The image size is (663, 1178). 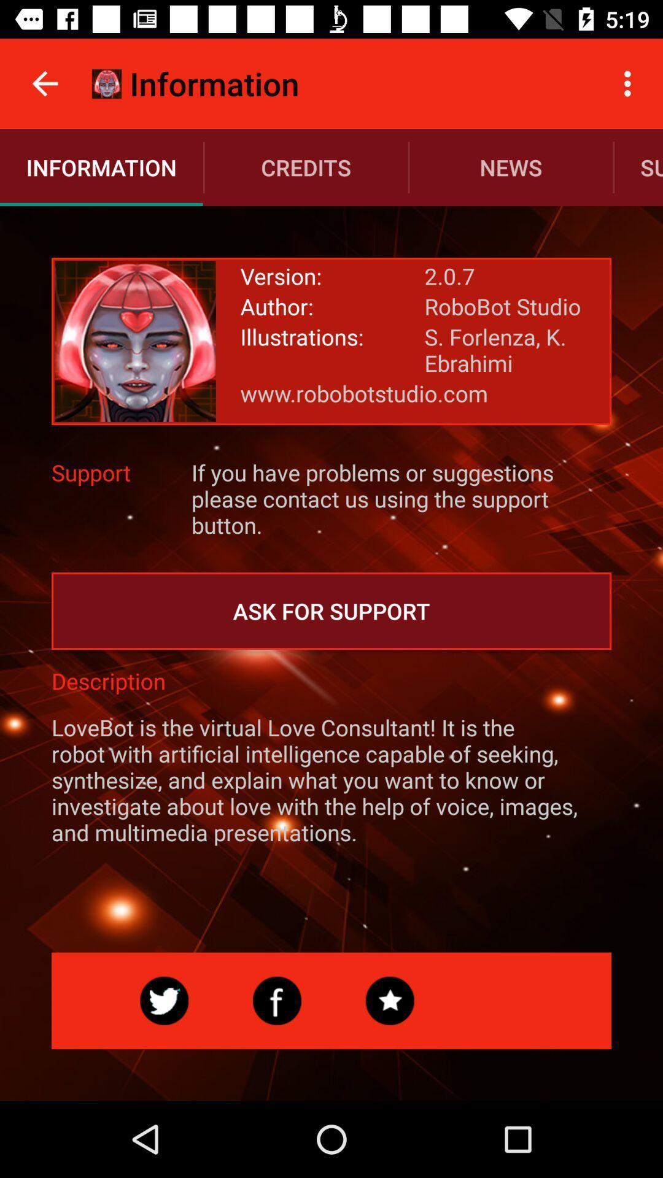 I want to click on the twitter icon, so click(x=163, y=1001).